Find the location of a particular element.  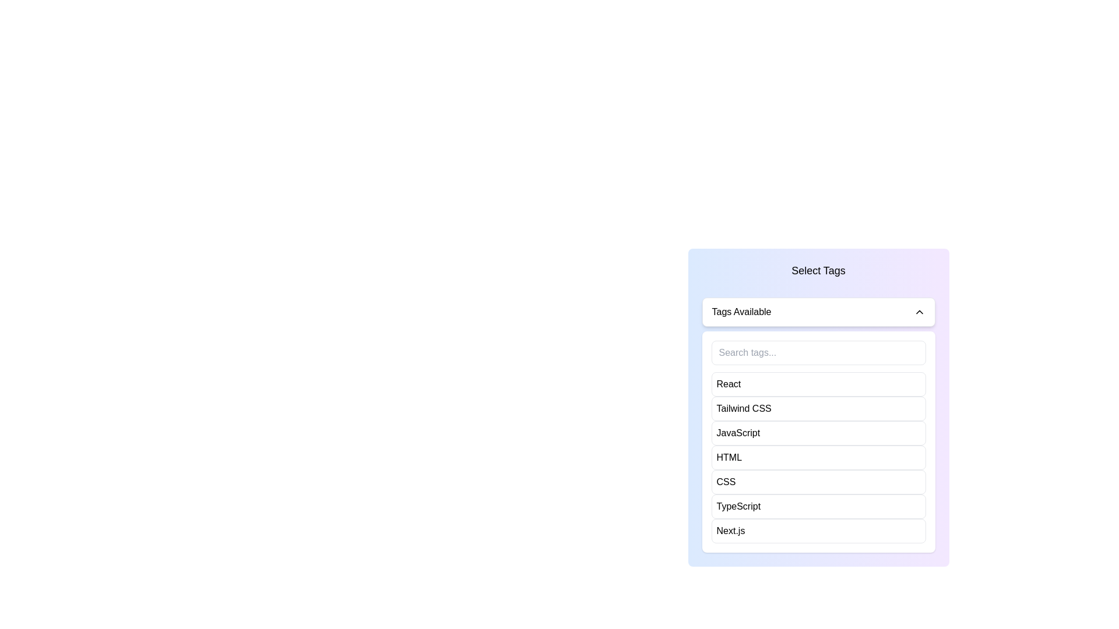

the text label displaying 'Tailwind CSS', which is the second item under the 'Tags Available' dropdown menu on the right panel is located at coordinates (743, 408).